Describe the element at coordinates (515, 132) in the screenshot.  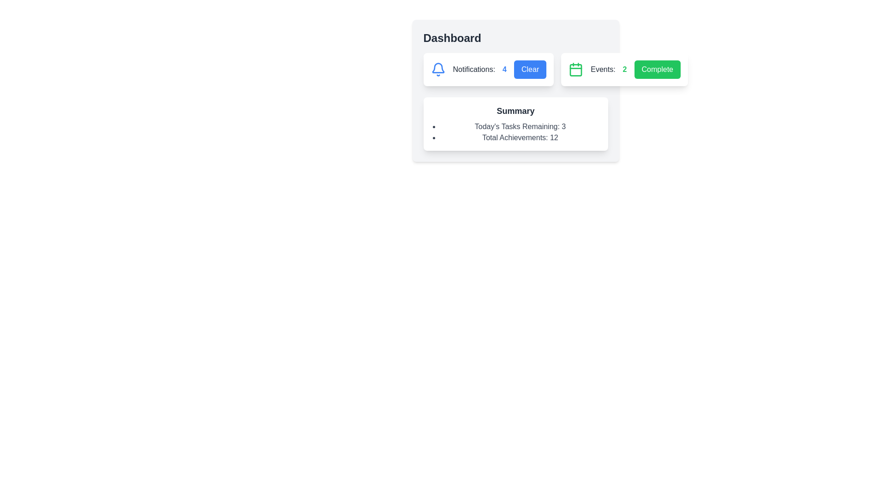
I see `the informational list displaying 'Today's Tasks Remaining: 3' and 'Total Achievements: 12' within the 'Summary' box` at that location.